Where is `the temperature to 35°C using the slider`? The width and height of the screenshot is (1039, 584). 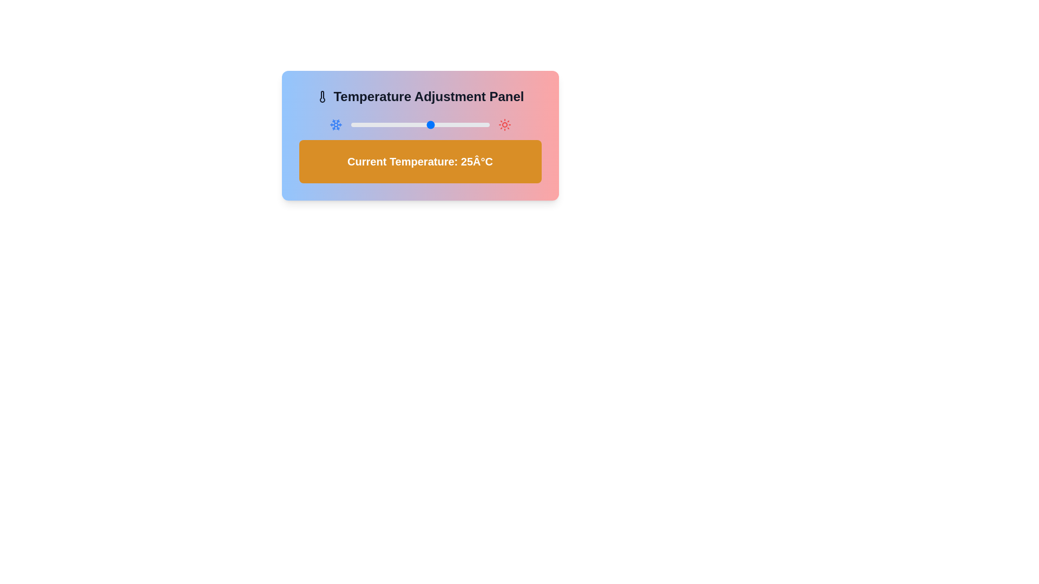 the temperature to 35°C using the slider is located at coordinates (455, 124).